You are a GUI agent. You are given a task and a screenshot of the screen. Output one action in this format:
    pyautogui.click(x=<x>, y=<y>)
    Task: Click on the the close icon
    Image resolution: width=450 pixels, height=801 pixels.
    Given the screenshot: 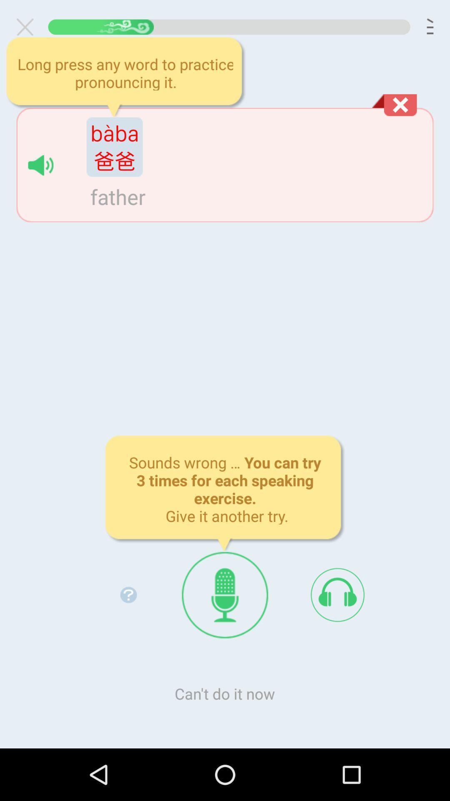 What is the action you would take?
    pyautogui.click(x=28, y=29)
    